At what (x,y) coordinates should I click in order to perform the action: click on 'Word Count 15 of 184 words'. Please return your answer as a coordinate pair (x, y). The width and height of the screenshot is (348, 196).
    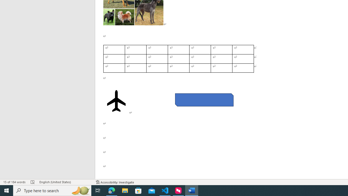
    Looking at the image, I should click on (14, 182).